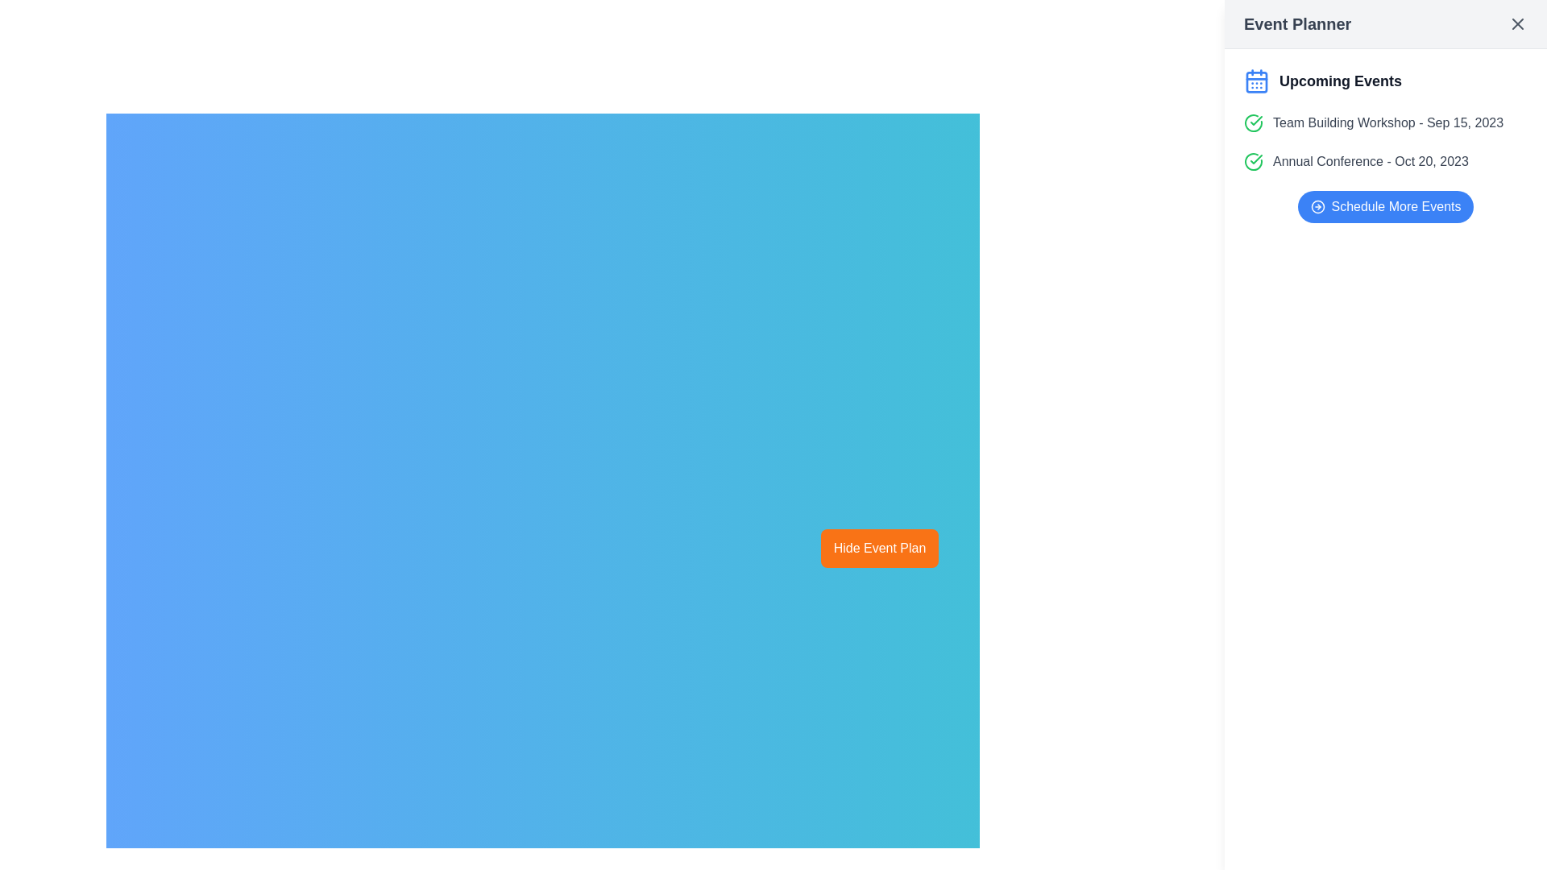  Describe the element at coordinates (1256, 81) in the screenshot. I see `the main body rectangle of the SVG calendar icon located at the top of the 'Upcoming Events' section in the 'Event Planner' sidebar` at that location.